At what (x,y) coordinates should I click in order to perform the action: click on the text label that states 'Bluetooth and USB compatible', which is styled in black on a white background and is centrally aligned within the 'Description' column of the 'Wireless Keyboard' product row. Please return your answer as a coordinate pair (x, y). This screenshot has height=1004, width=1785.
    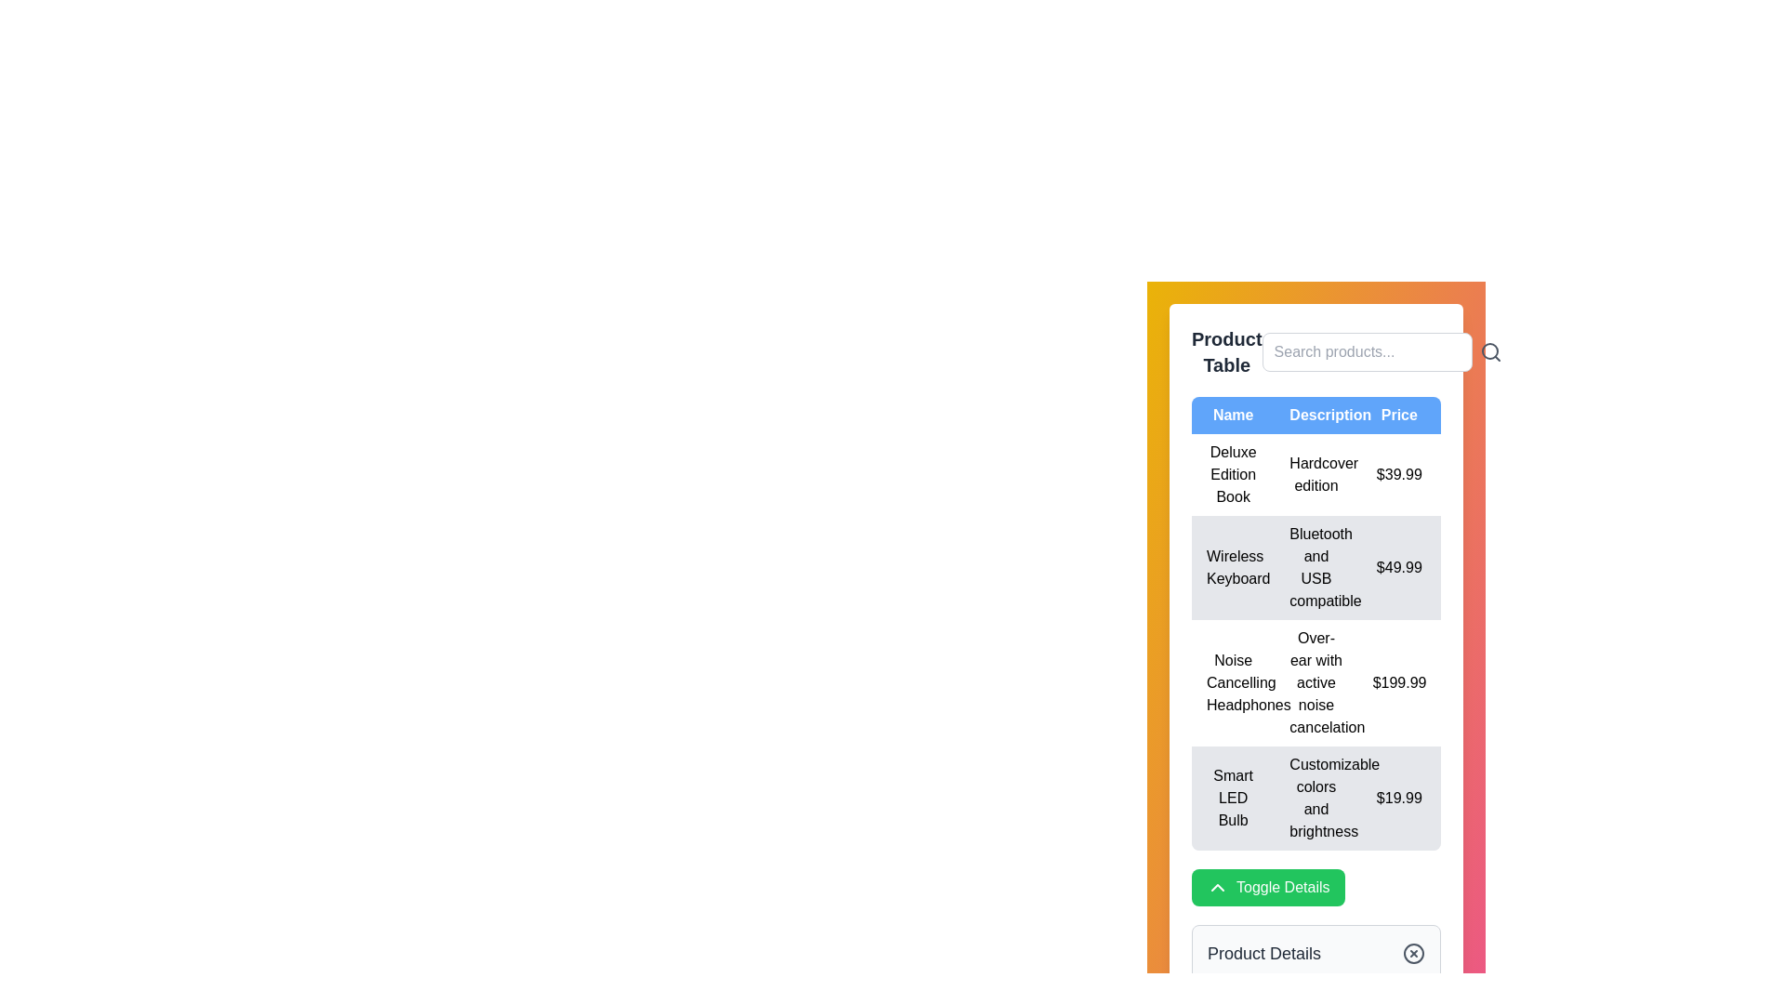
    Looking at the image, I should click on (1316, 566).